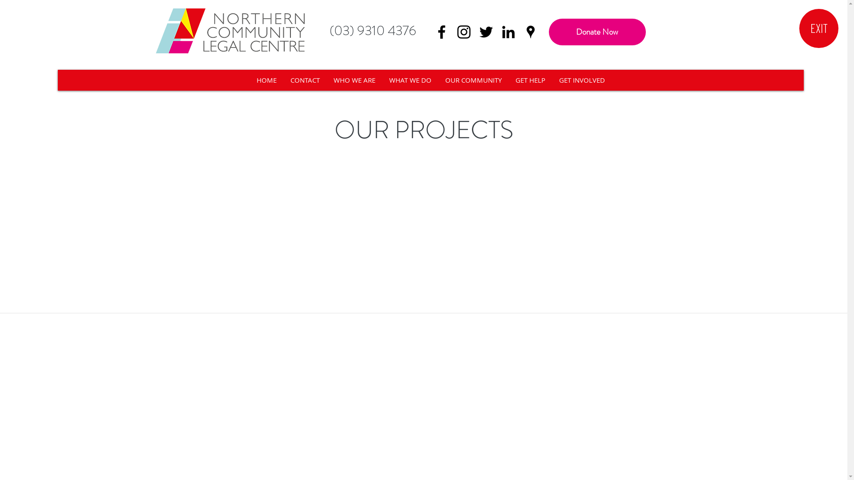 The image size is (854, 480). Describe the element at coordinates (305, 80) in the screenshot. I see `'CONTACT'` at that location.